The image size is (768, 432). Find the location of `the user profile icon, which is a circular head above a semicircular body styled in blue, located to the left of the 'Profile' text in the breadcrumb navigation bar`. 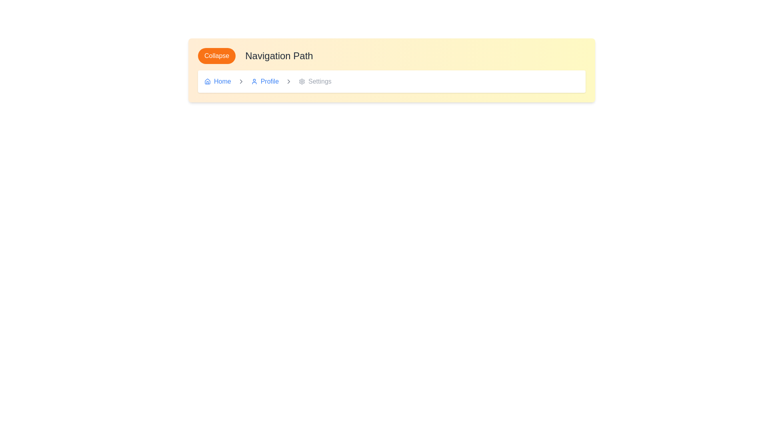

the user profile icon, which is a circular head above a semicircular body styled in blue, located to the left of the 'Profile' text in the breadcrumb navigation bar is located at coordinates (254, 82).